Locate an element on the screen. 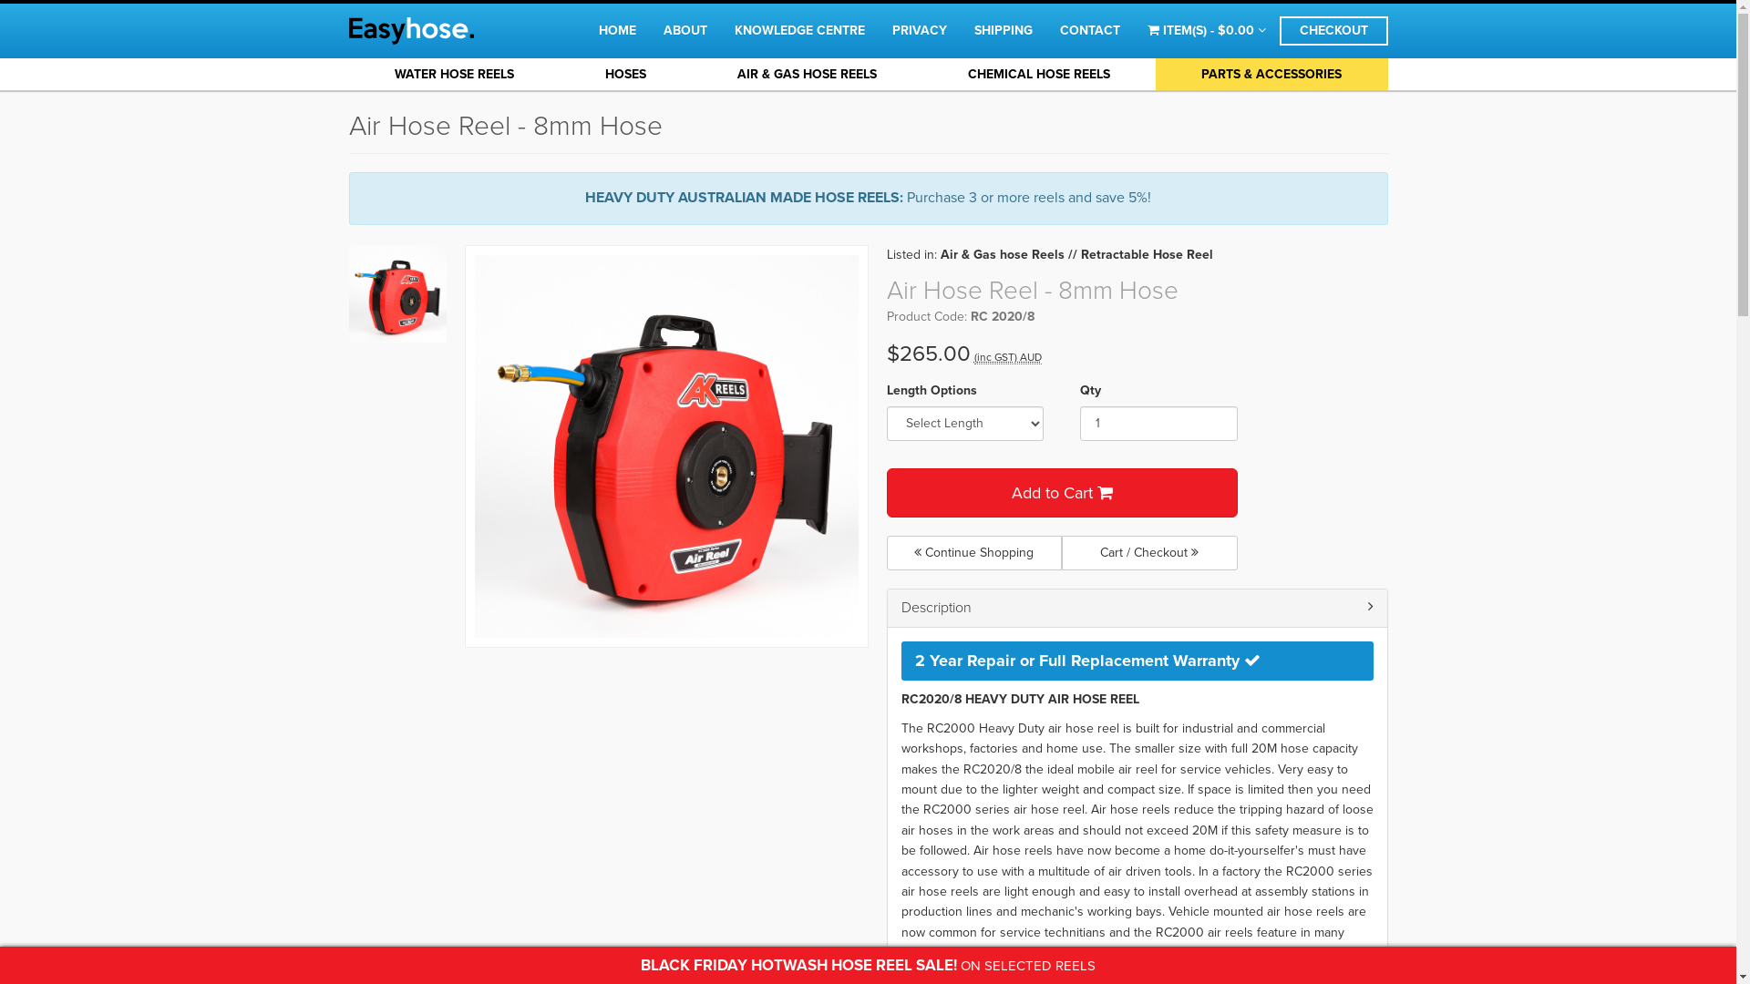 This screenshot has width=1750, height=984. 'HOSES' is located at coordinates (625, 73).